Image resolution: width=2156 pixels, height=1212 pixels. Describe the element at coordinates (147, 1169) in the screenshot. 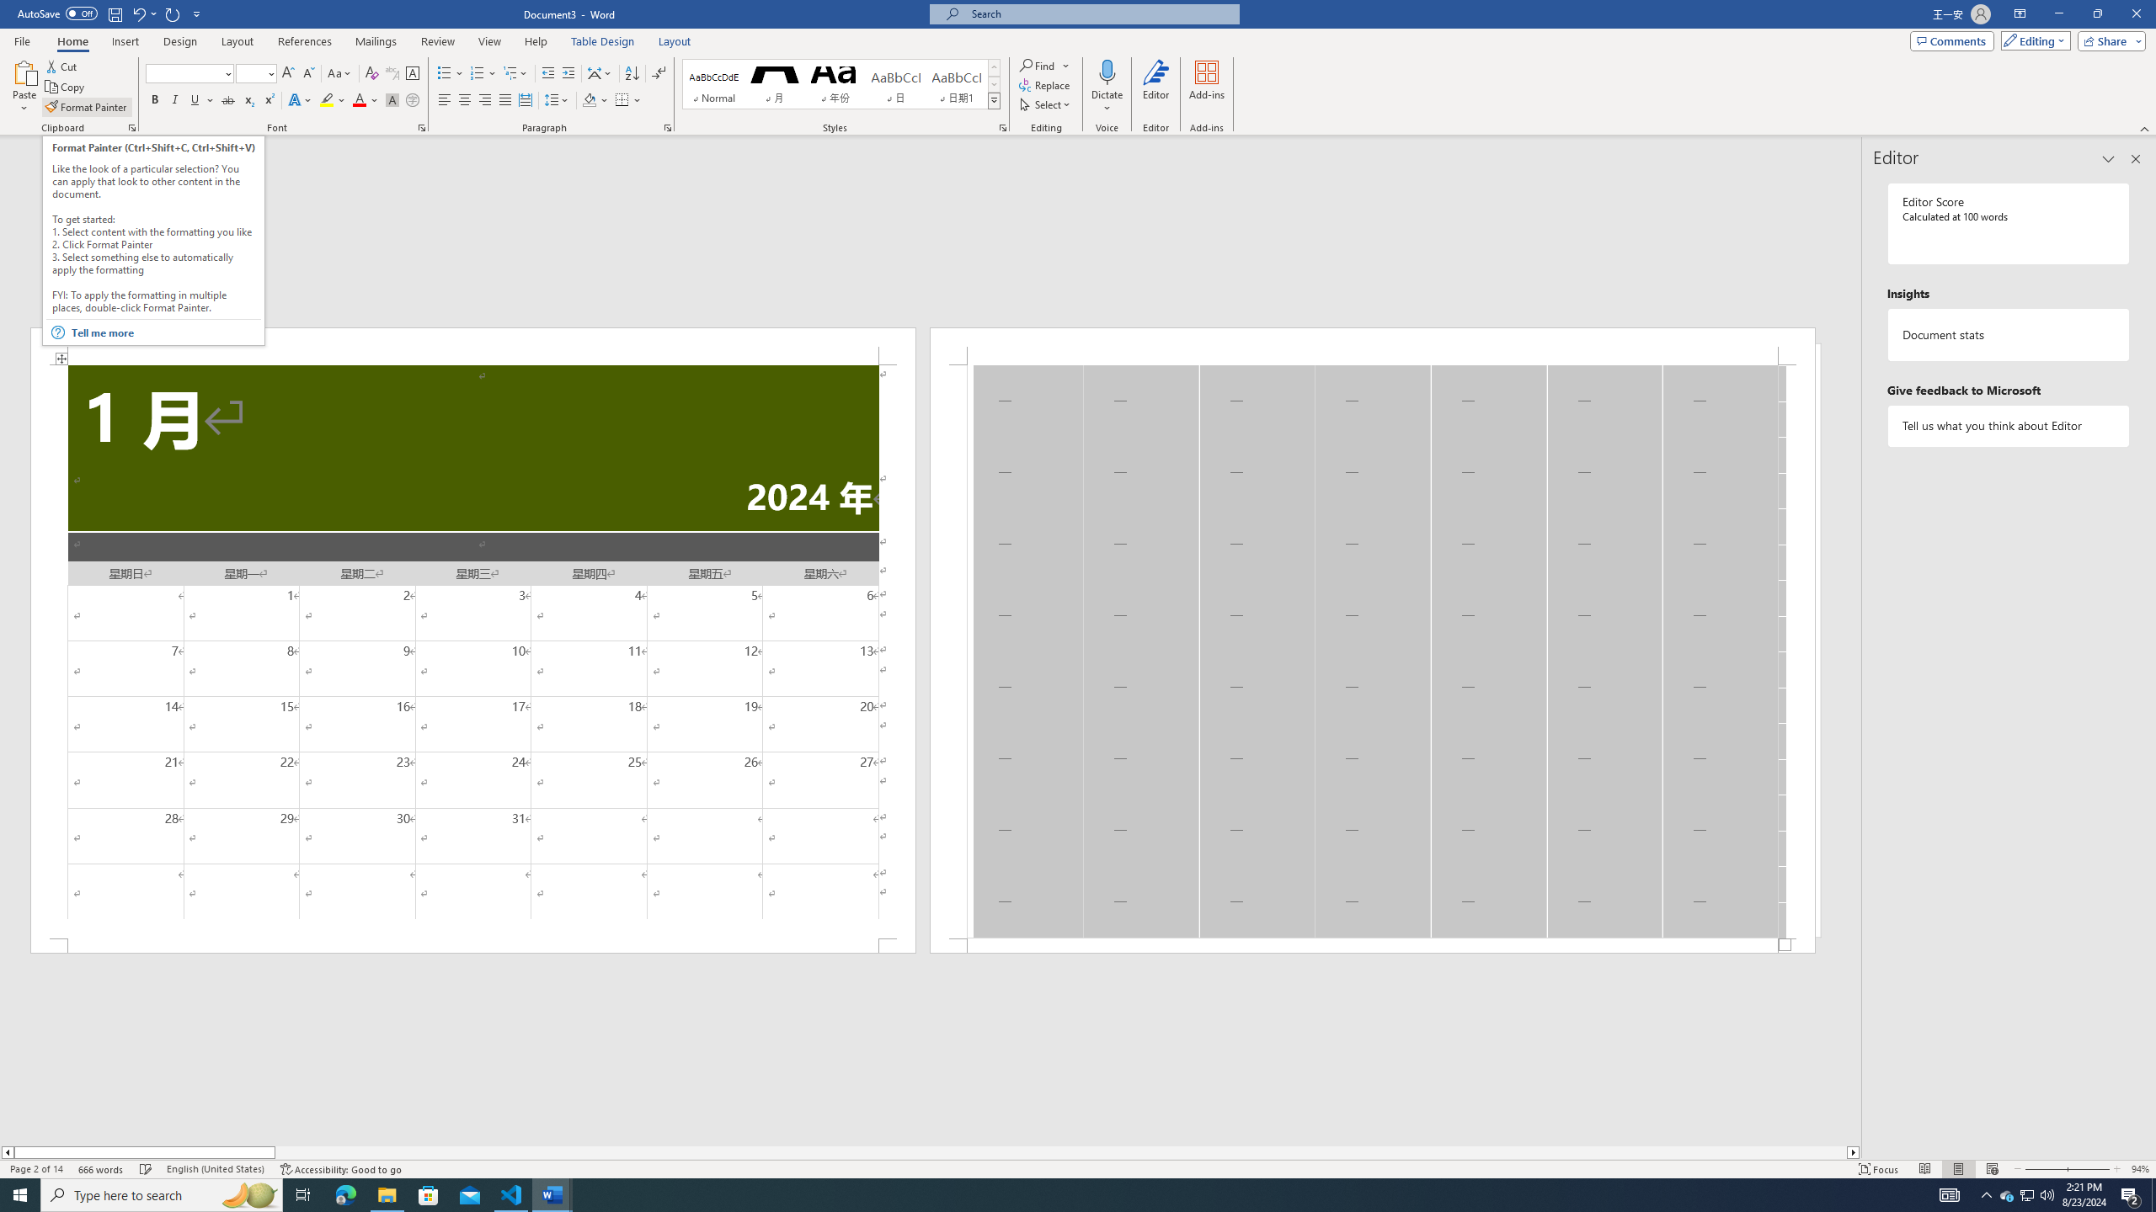

I see `'Spelling and Grammar Check Checking'` at that location.